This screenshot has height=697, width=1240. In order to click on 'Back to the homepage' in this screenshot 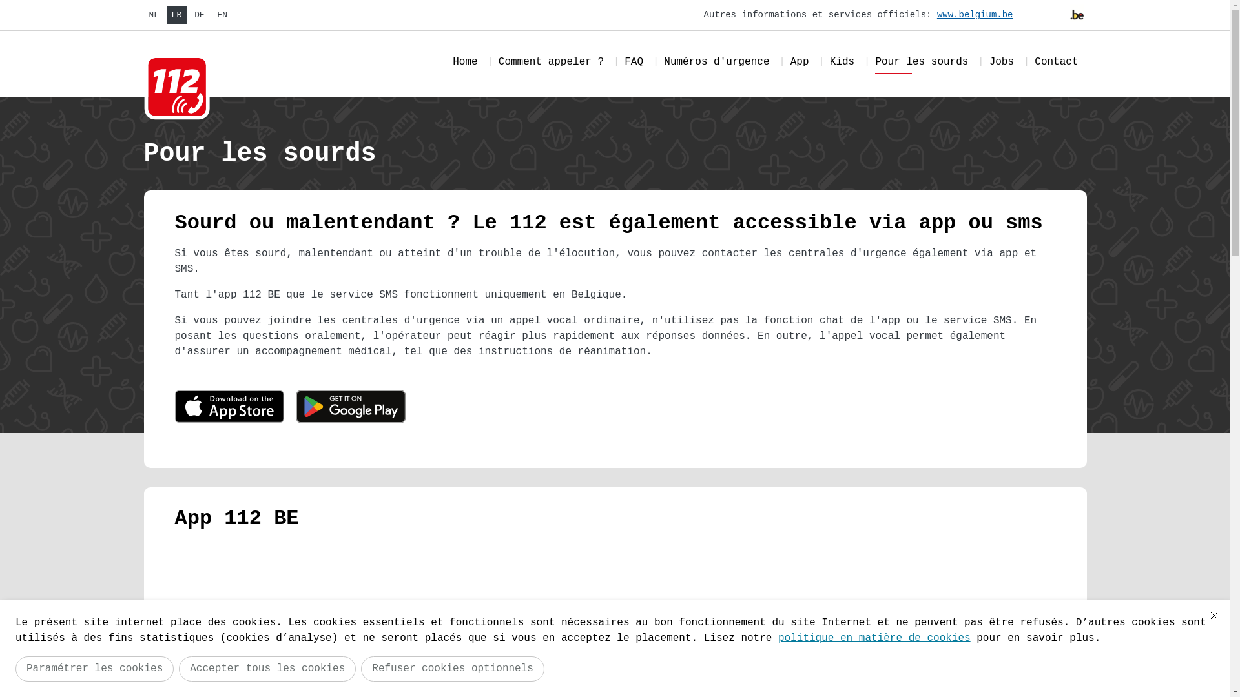, I will do `click(143, 87)`.